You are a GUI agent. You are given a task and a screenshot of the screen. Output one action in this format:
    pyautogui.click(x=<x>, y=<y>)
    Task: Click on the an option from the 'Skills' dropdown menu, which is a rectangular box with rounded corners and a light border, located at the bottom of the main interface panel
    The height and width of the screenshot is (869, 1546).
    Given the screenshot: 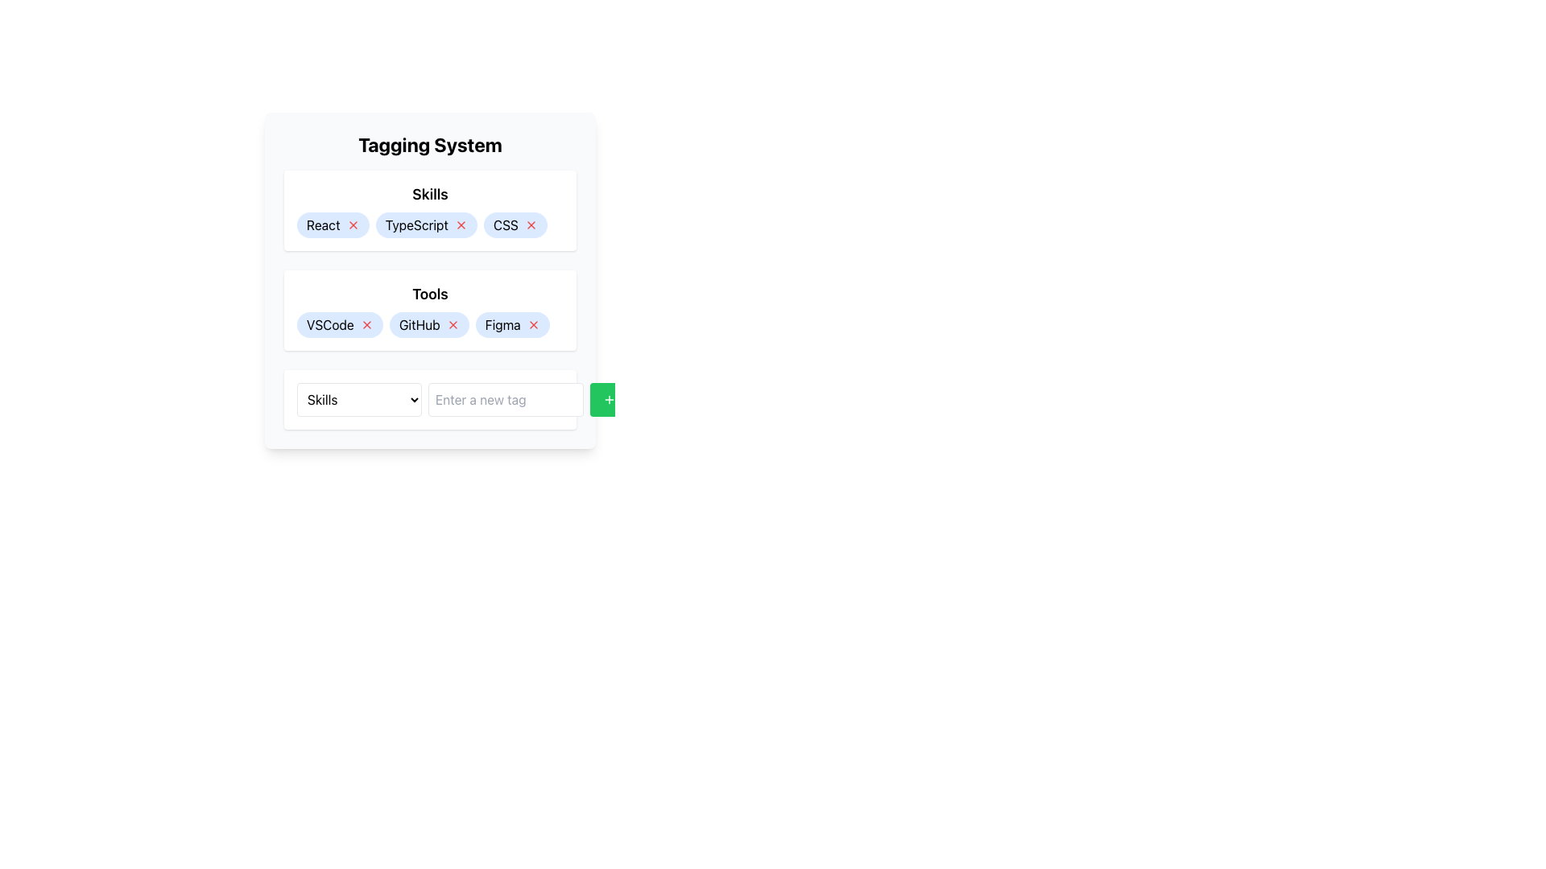 What is the action you would take?
    pyautogui.click(x=358, y=399)
    